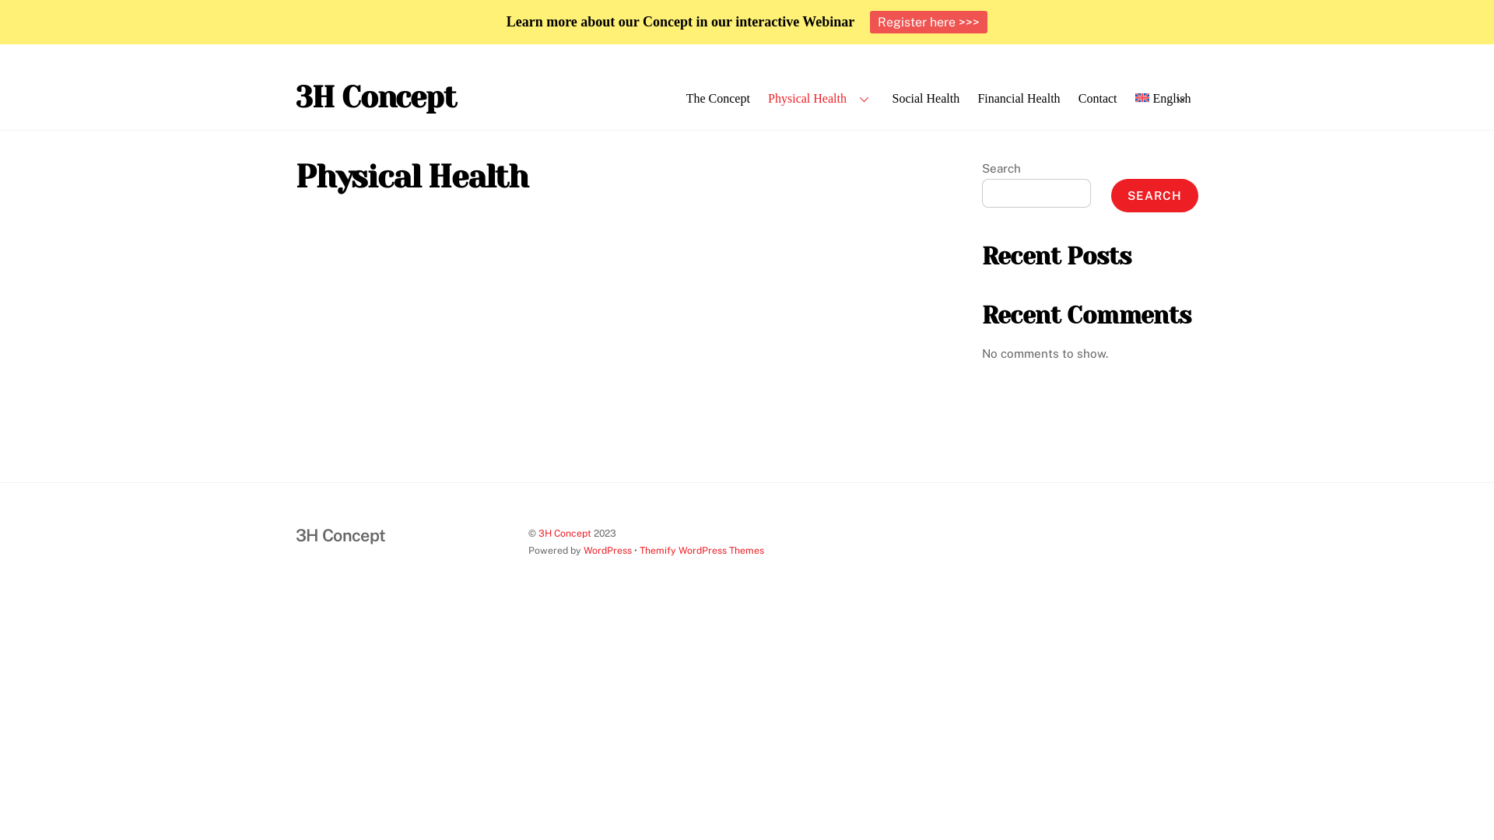 The image size is (1494, 840). Describe the element at coordinates (607, 549) in the screenshot. I see `'WordPress'` at that location.